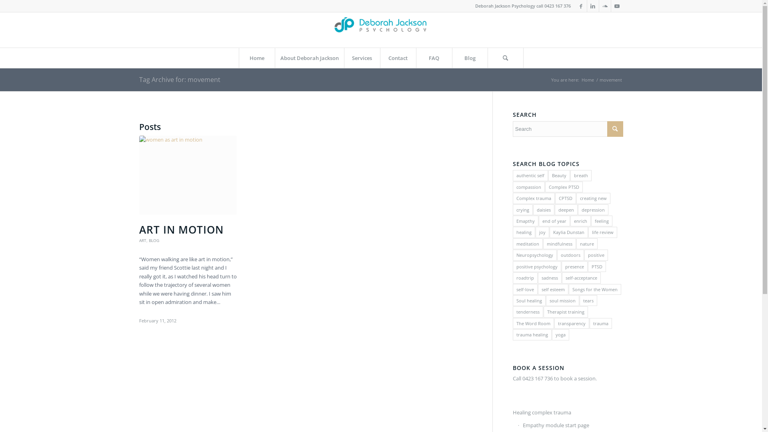 The width and height of the screenshot is (768, 432). I want to click on 'About Deborah Jackson', so click(308, 58).